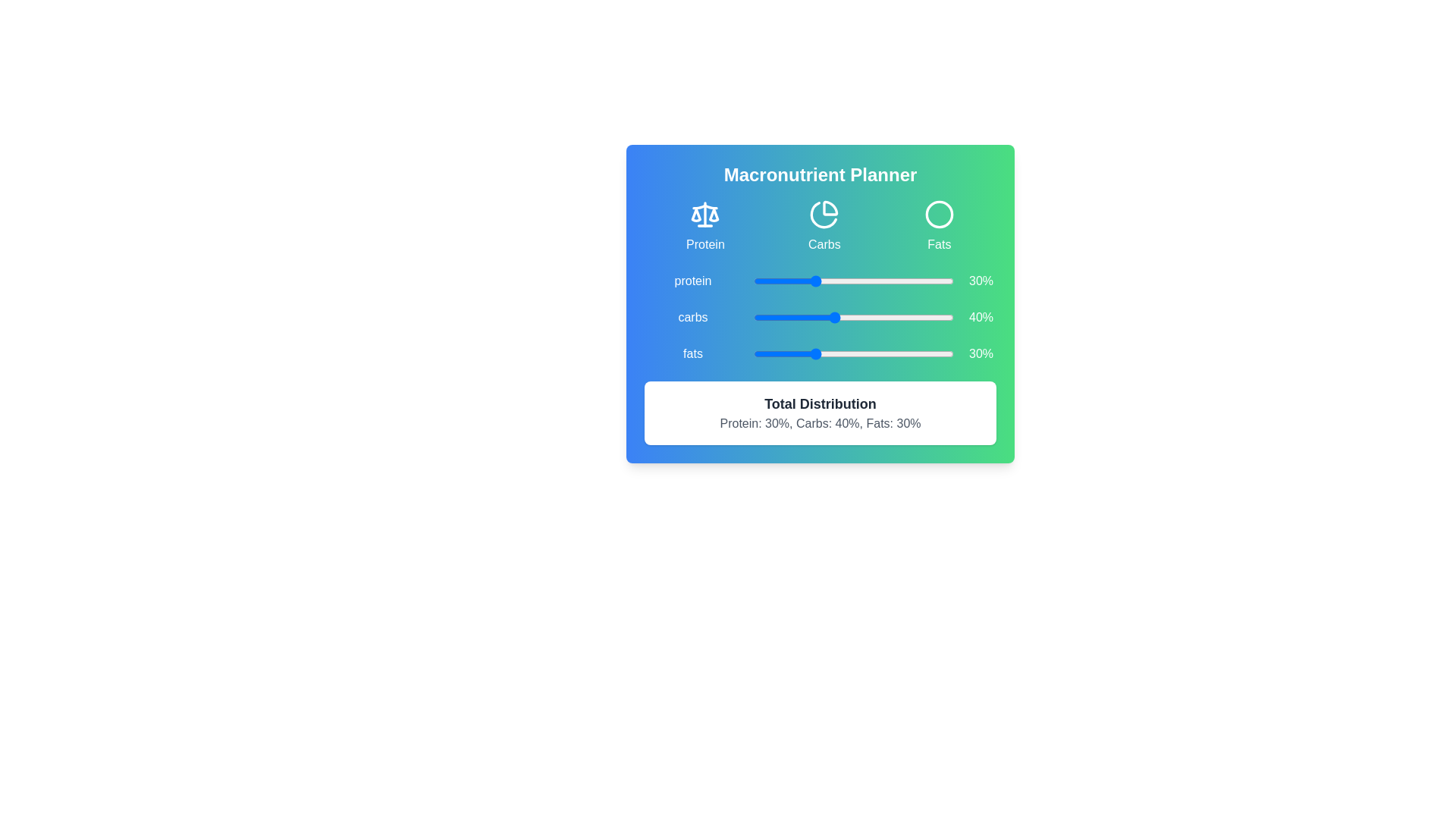  What do you see at coordinates (803, 353) in the screenshot?
I see `the fats slider` at bounding box center [803, 353].